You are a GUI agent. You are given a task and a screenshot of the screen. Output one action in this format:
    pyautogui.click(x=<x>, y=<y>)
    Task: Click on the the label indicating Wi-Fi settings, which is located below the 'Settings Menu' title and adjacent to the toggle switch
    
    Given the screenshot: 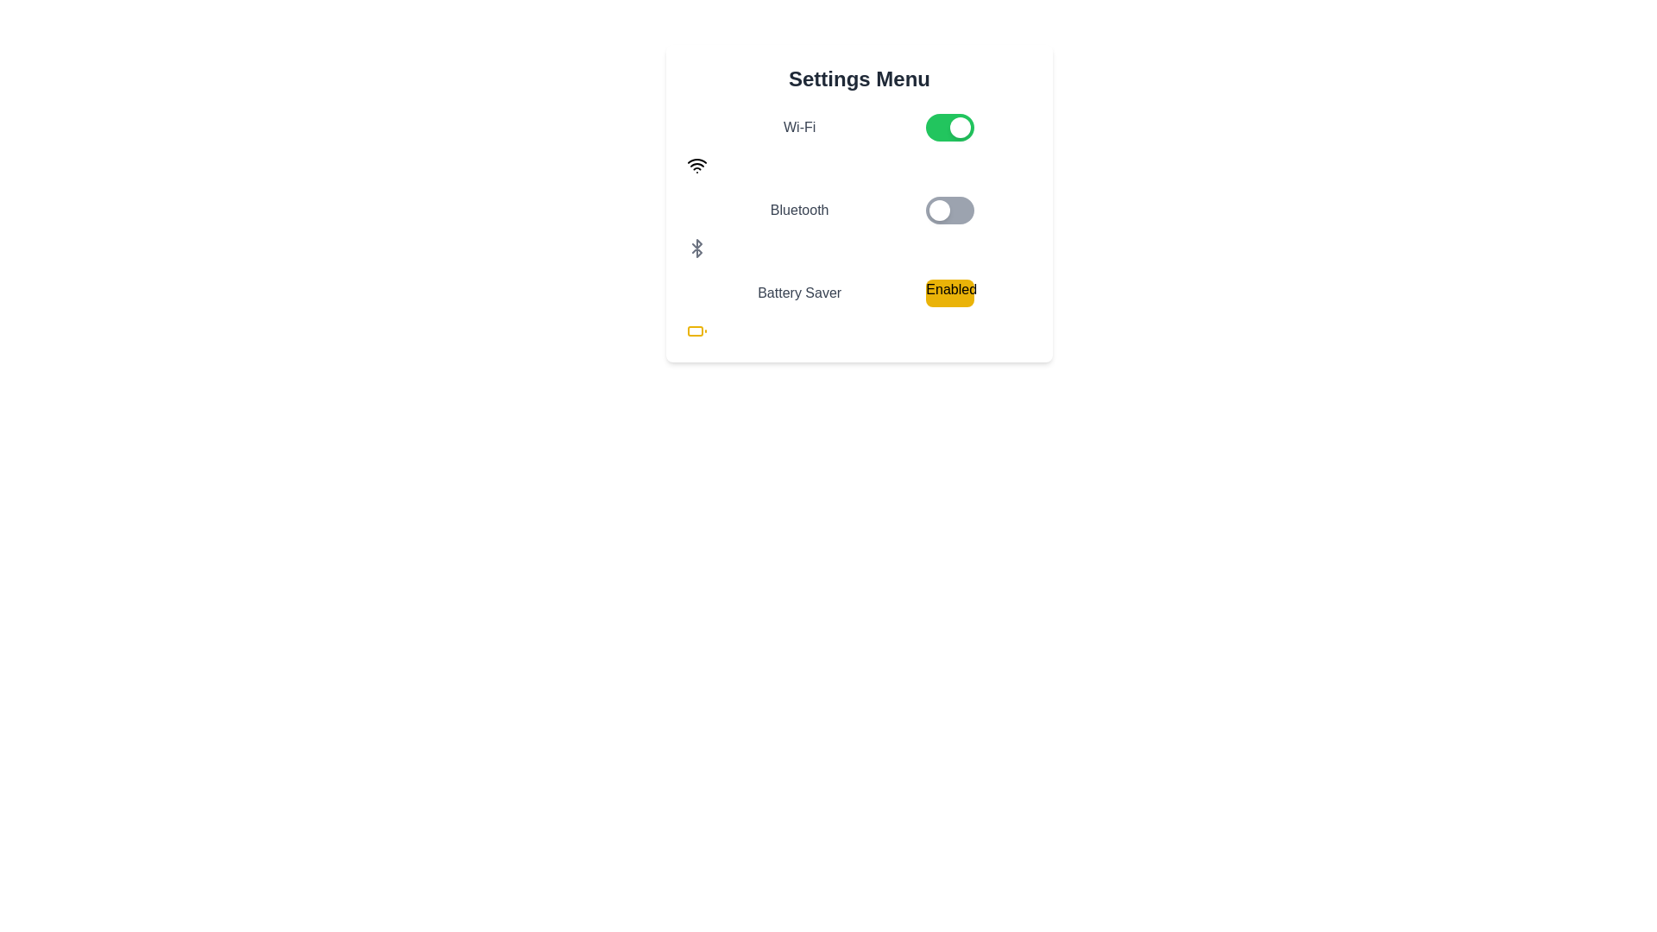 What is the action you would take?
    pyautogui.click(x=798, y=126)
    